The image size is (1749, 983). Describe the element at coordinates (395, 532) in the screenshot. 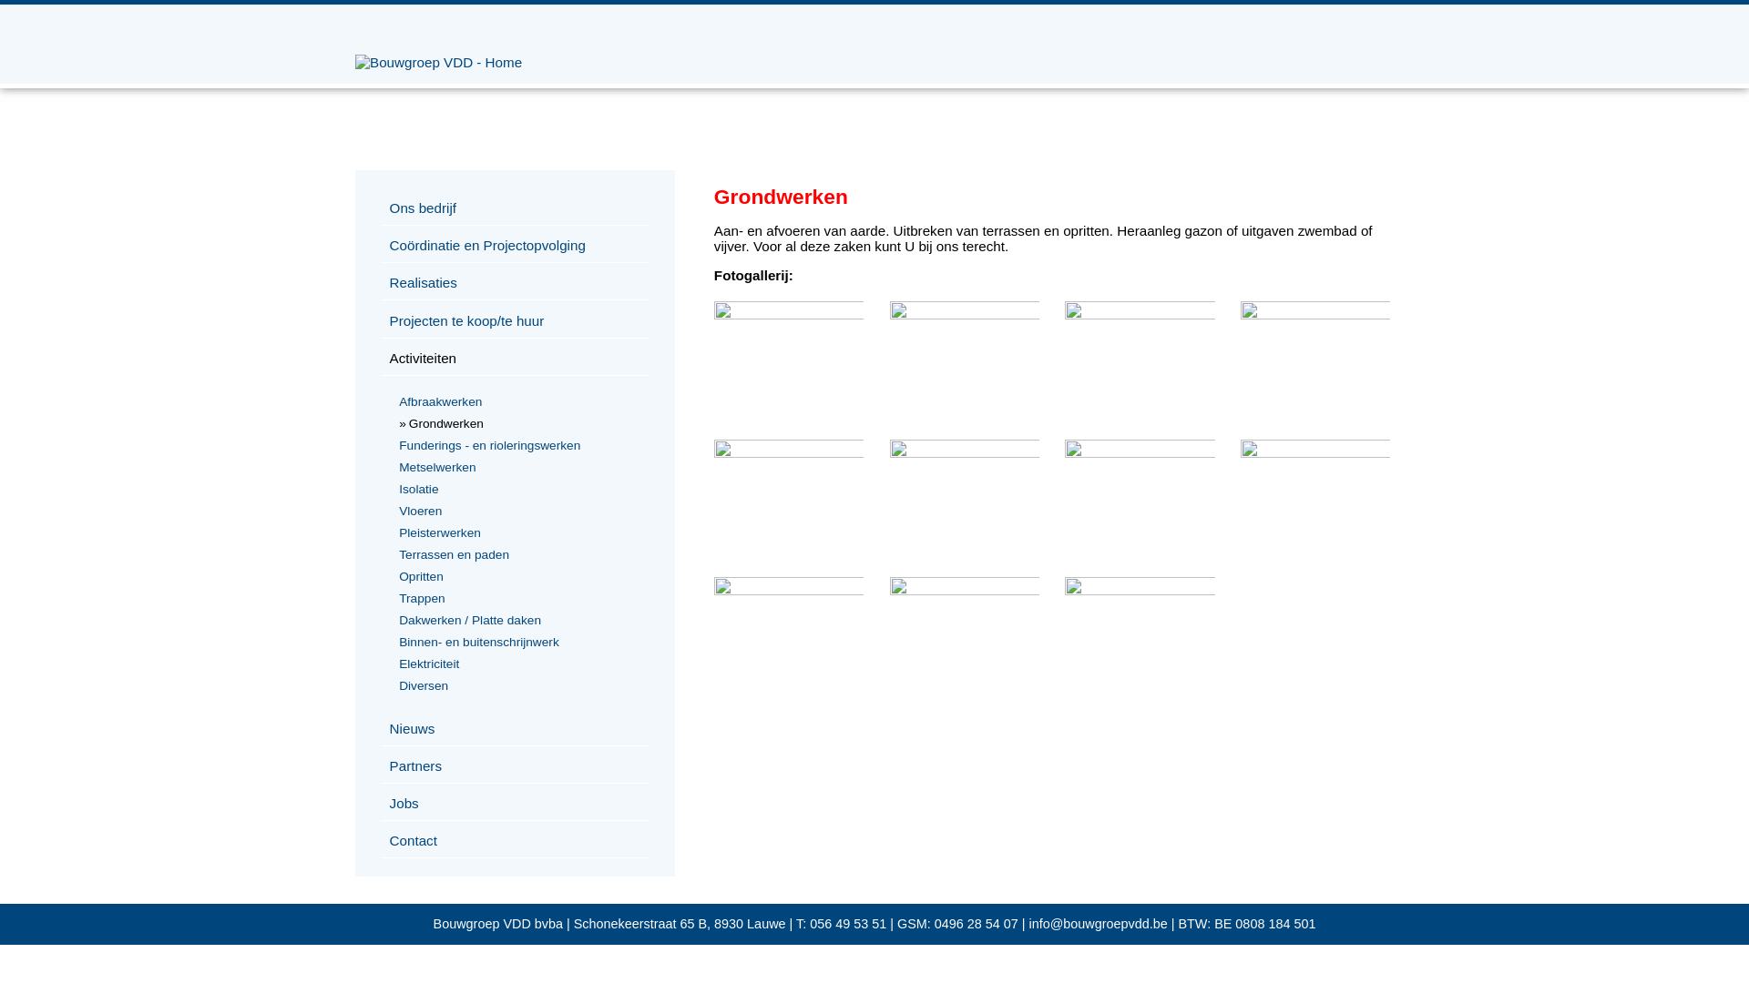

I see `'Pleisterwerken'` at that location.